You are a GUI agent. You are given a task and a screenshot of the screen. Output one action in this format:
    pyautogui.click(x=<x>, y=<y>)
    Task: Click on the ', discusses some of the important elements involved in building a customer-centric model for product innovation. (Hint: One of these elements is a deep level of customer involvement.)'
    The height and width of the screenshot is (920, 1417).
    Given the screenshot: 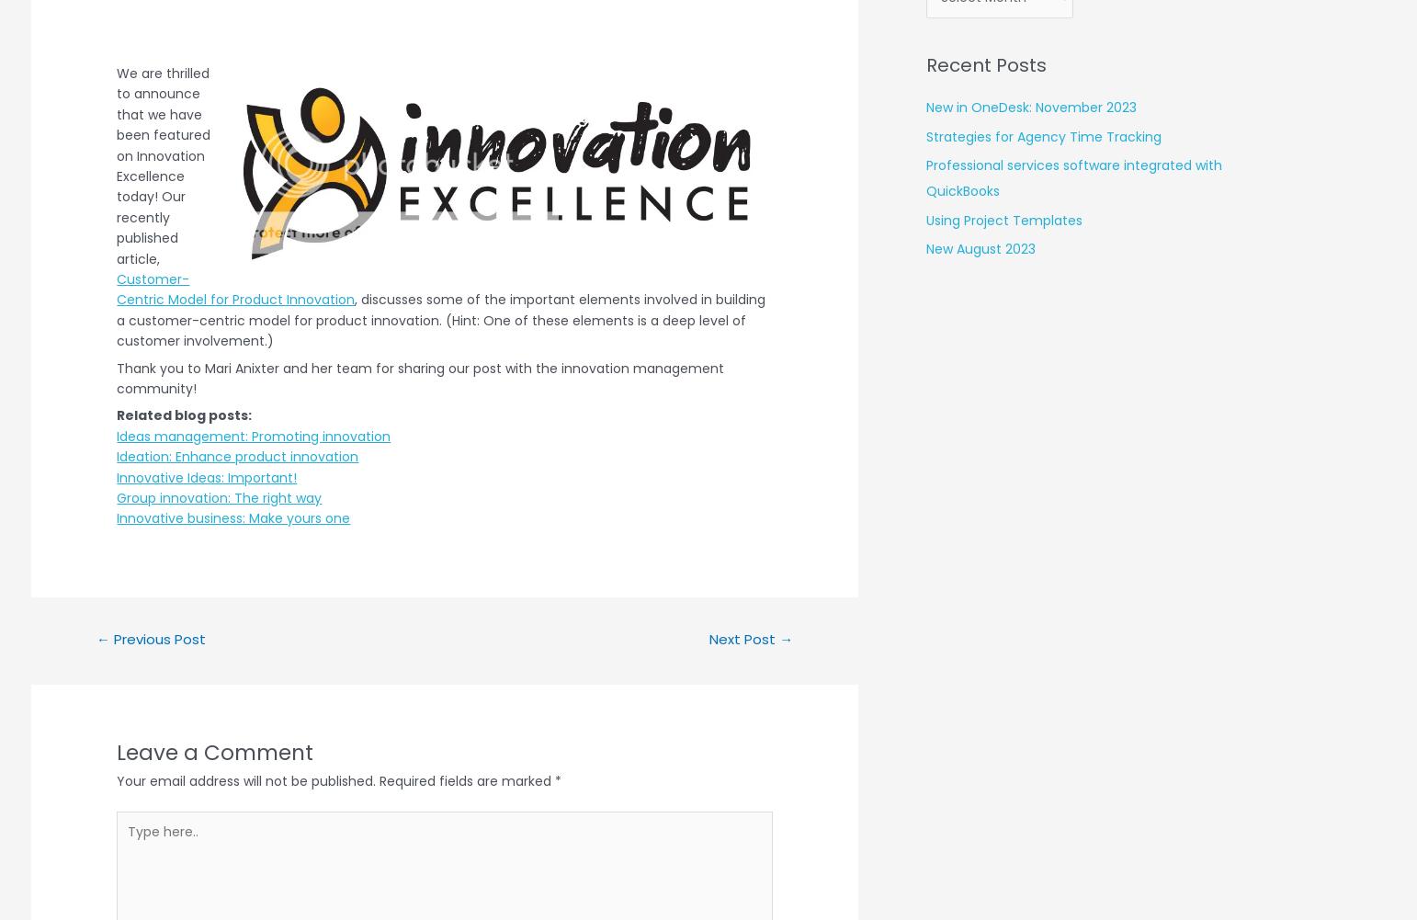 What is the action you would take?
    pyautogui.click(x=441, y=320)
    